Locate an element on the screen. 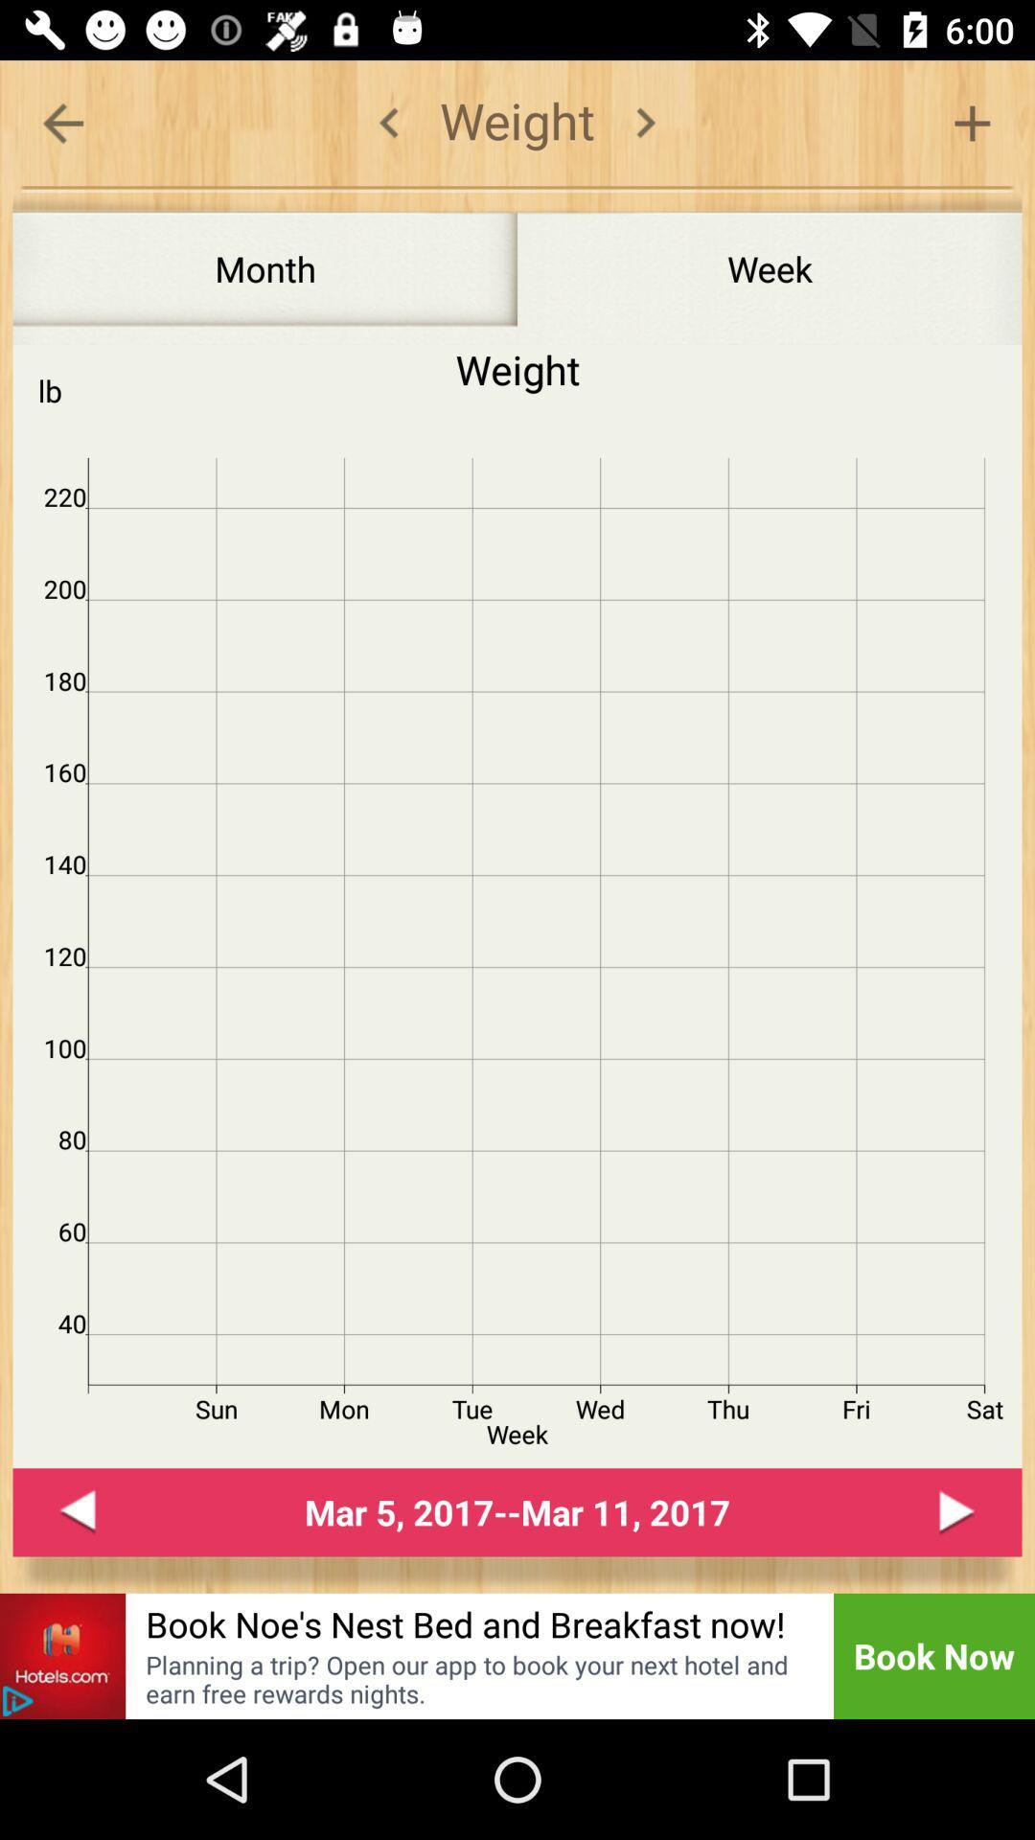  the play icon is located at coordinates (17, 1701).